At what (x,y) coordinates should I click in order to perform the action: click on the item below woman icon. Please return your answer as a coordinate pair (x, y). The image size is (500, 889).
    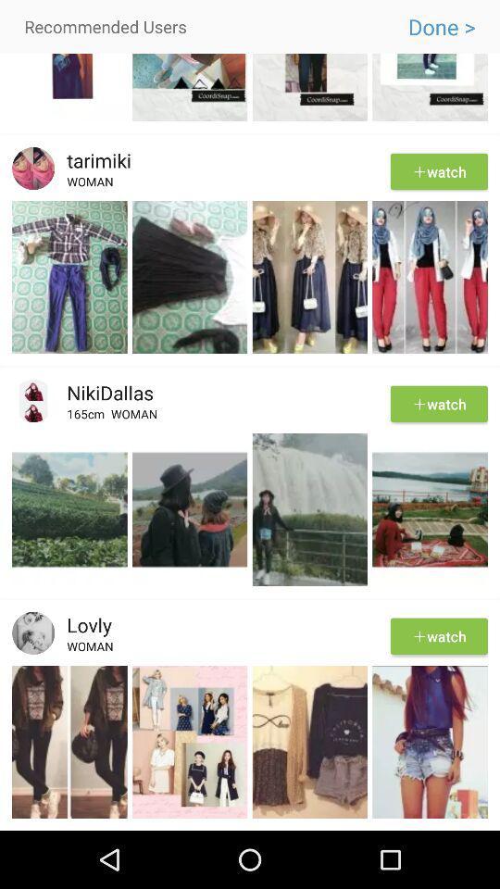
    Looking at the image, I should click on (250, 663).